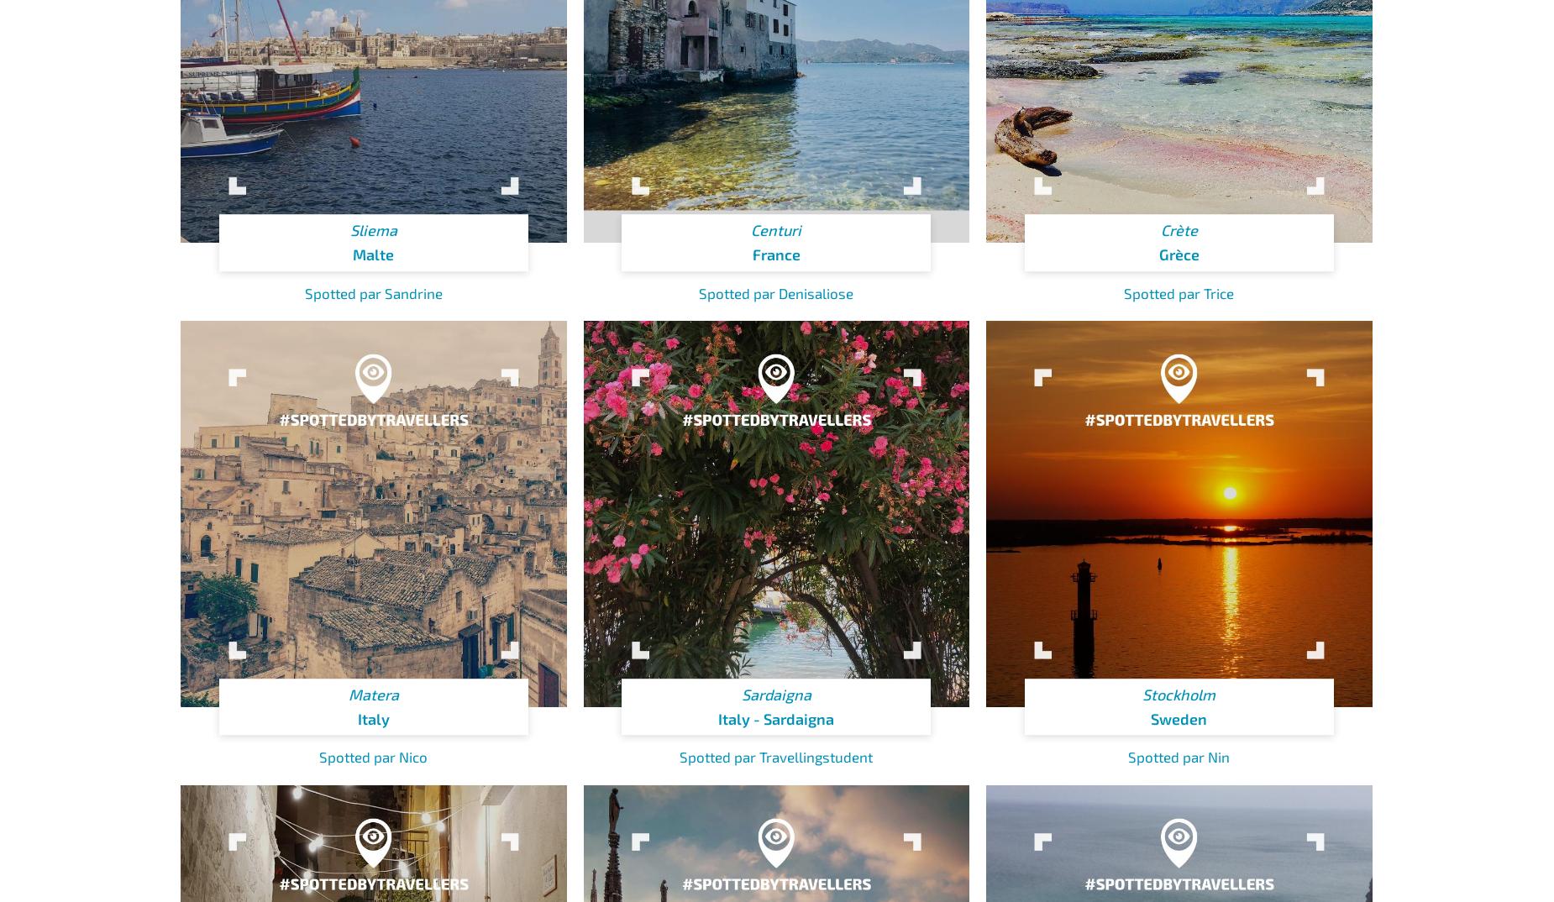  Describe the element at coordinates (1157, 254) in the screenshot. I see `'Grèce'` at that location.